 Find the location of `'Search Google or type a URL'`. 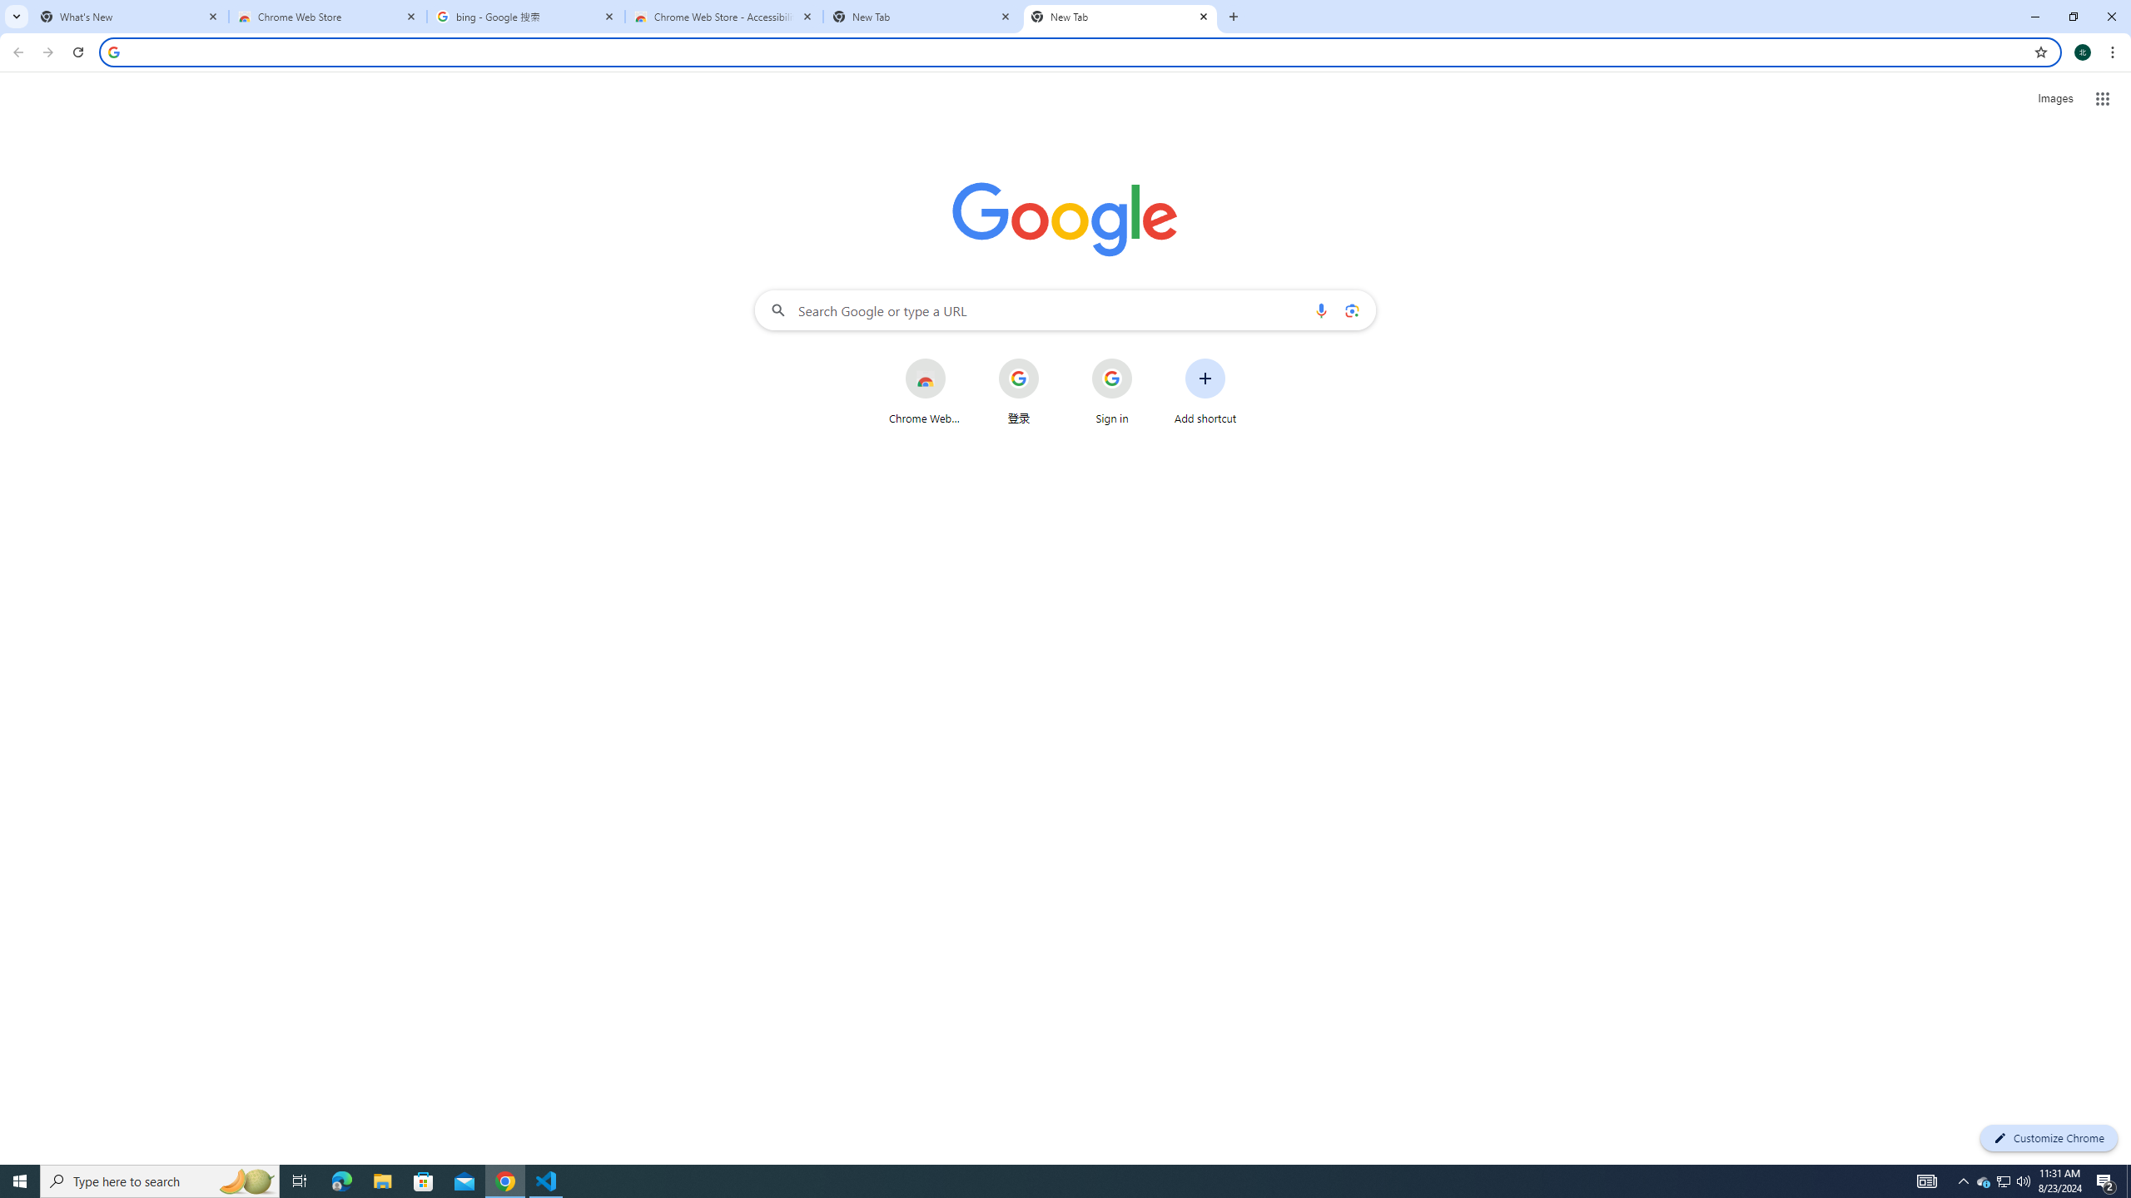

'Search Google or type a URL' is located at coordinates (1065, 309).